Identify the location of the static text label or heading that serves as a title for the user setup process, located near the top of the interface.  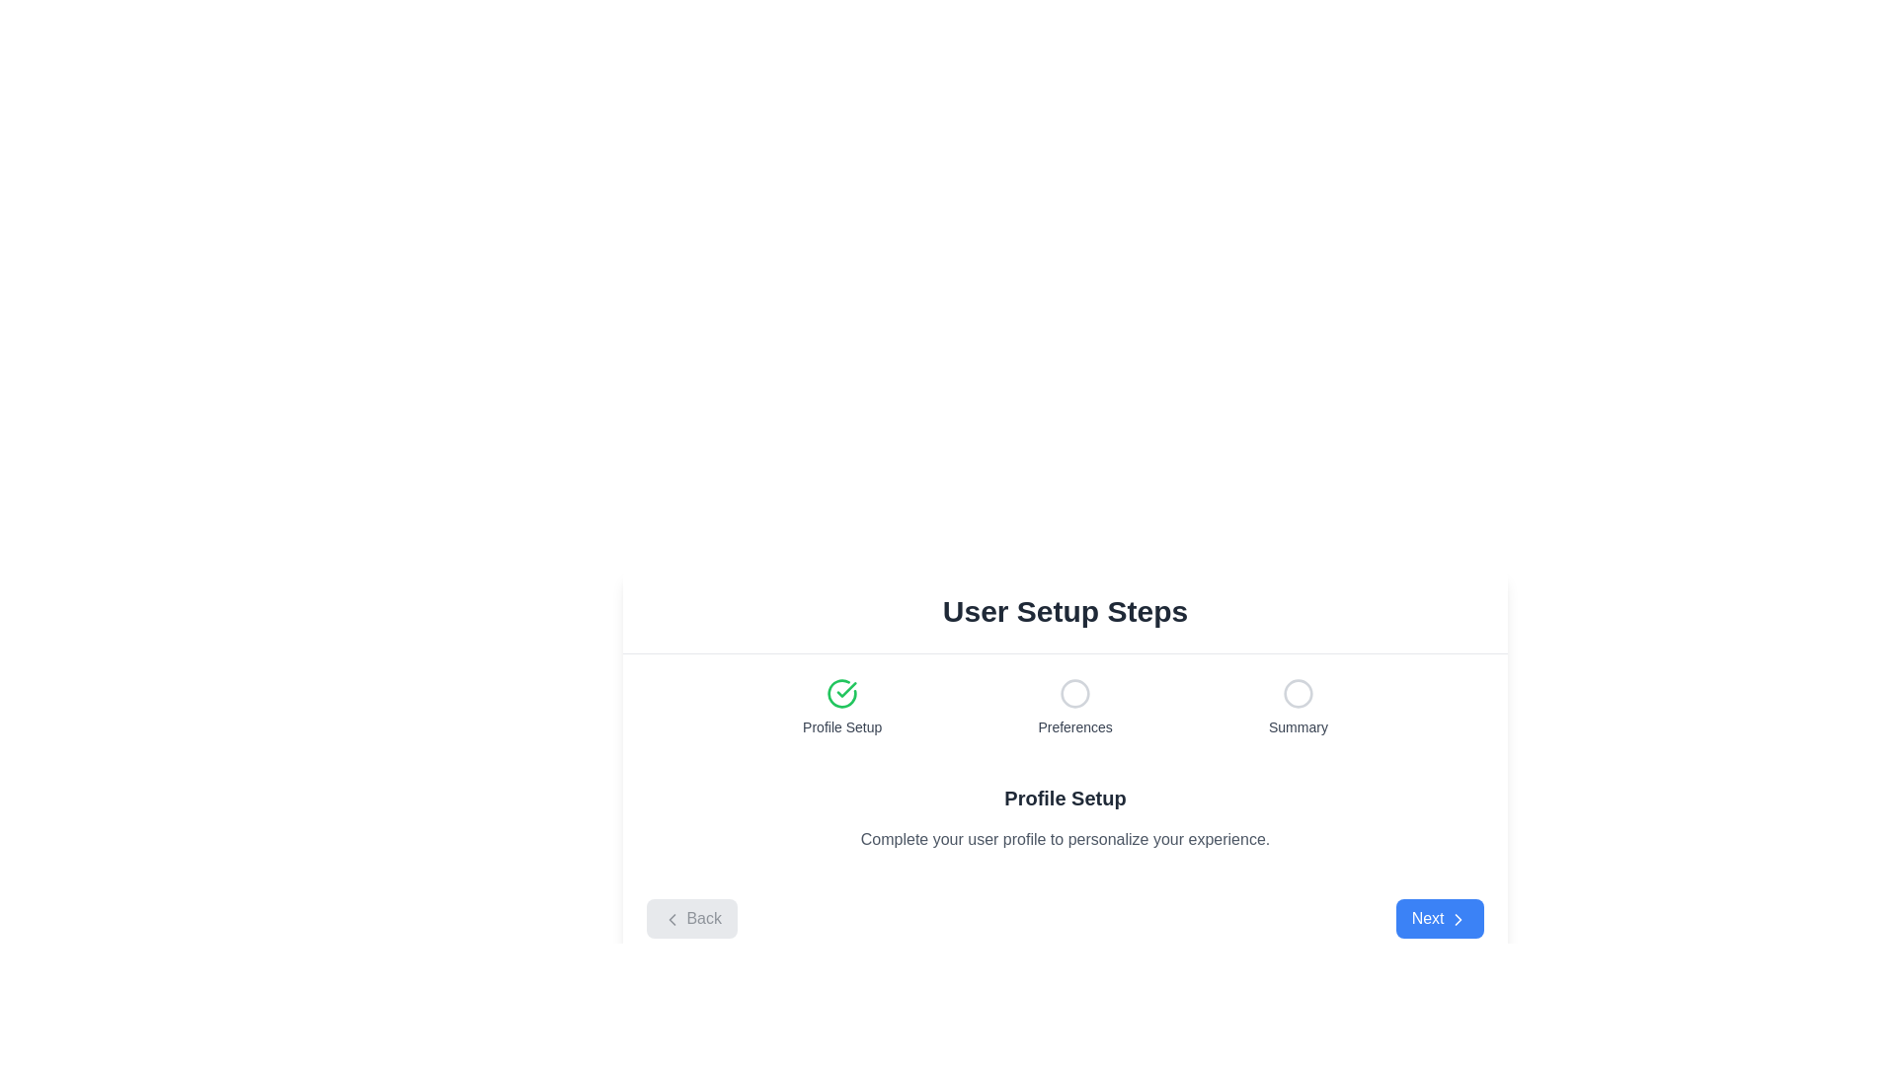
(1065, 611).